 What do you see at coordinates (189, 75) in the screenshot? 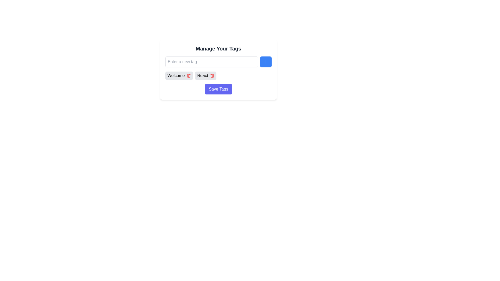
I see `the red trash icon representing the delete function, located to the right of the 'Welcome' text` at bounding box center [189, 75].